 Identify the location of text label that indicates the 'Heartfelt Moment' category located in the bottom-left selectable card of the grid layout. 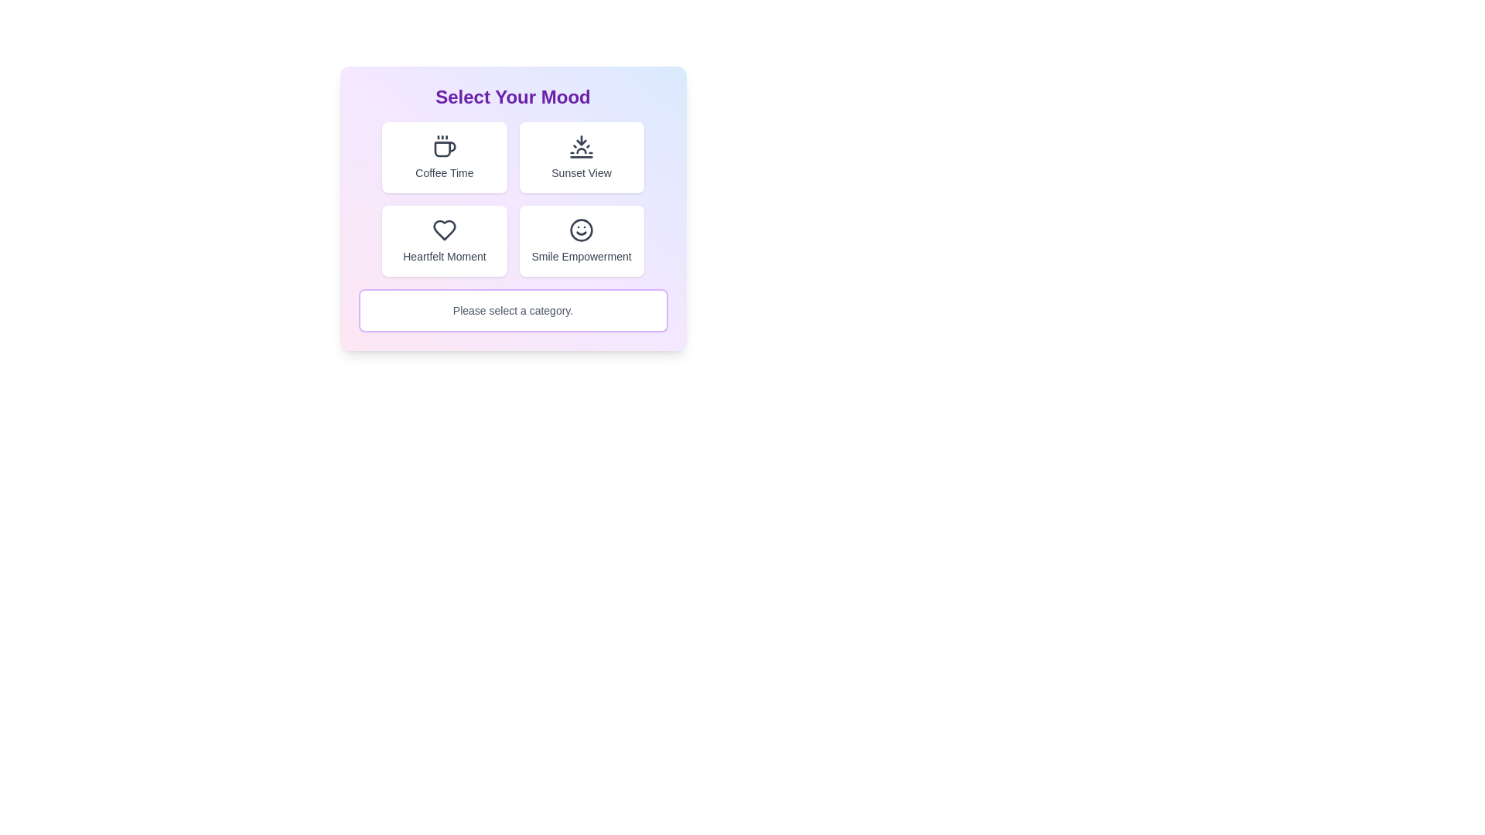
(443, 255).